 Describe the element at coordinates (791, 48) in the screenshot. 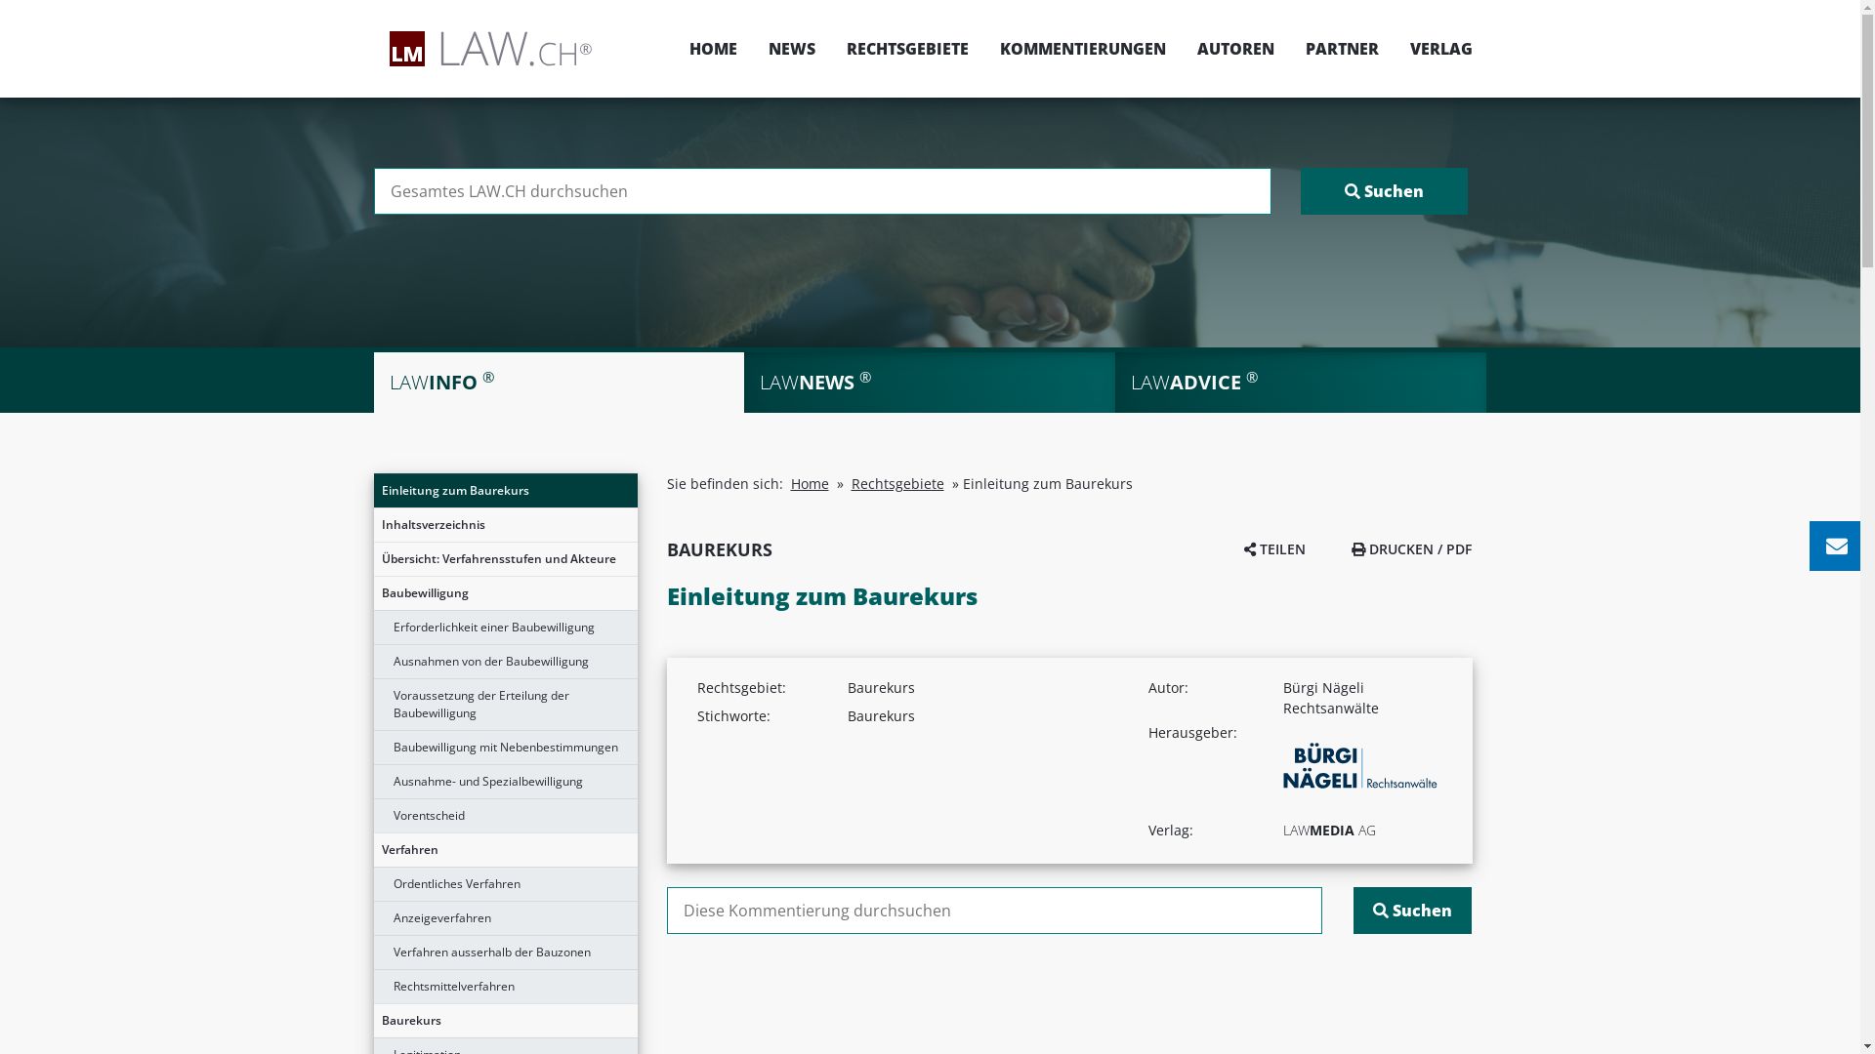

I see `'NEWS'` at that location.